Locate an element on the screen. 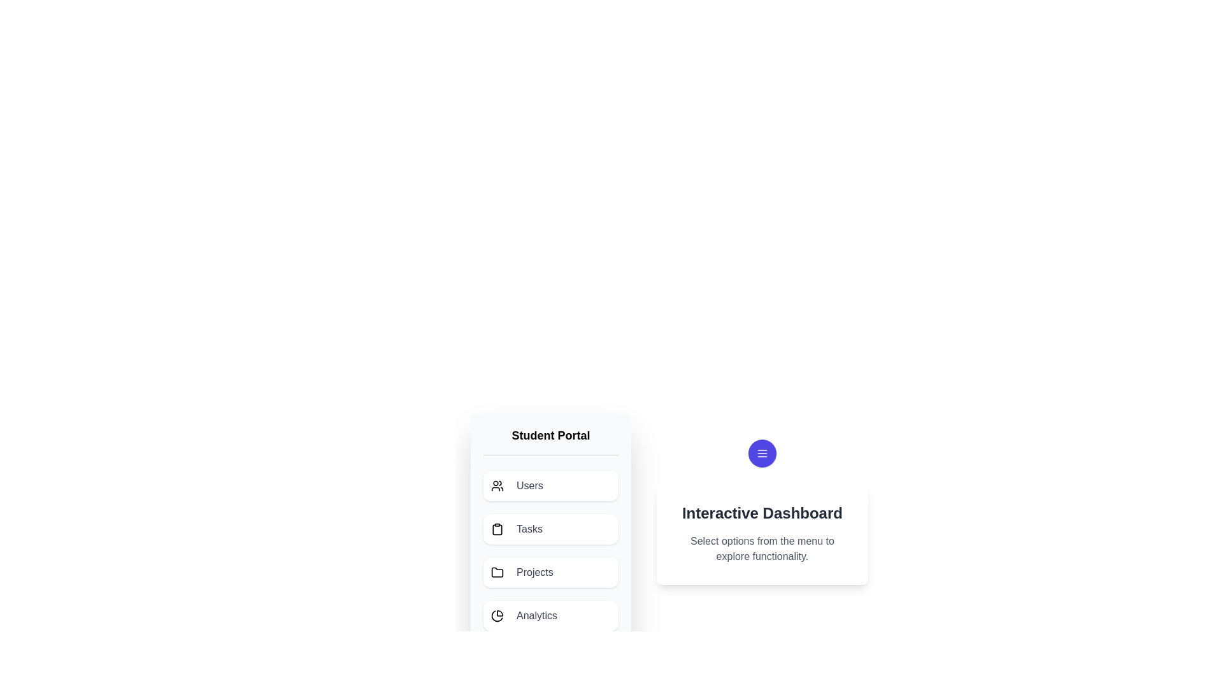 This screenshot has width=1223, height=688. the menu item Projects from the list is located at coordinates (550, 571).